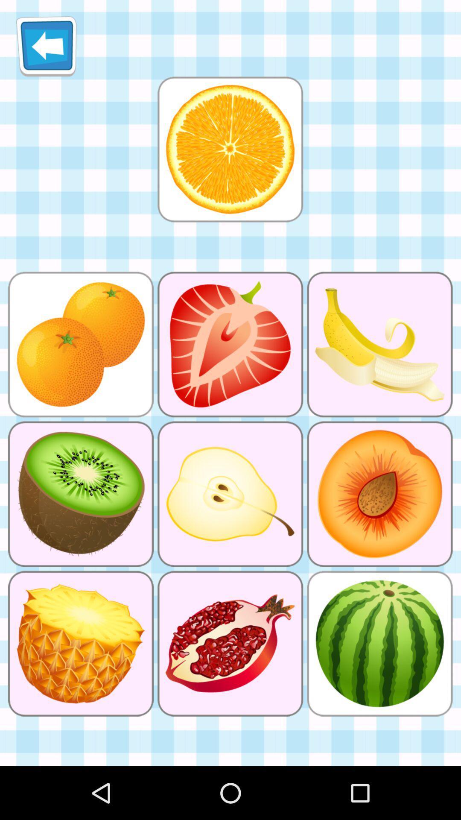 This screenshot has width=461, height=820. What do you see at coordinates (230, 149) in the screenshot?
I see `orange` at bounding box center [230, 149].